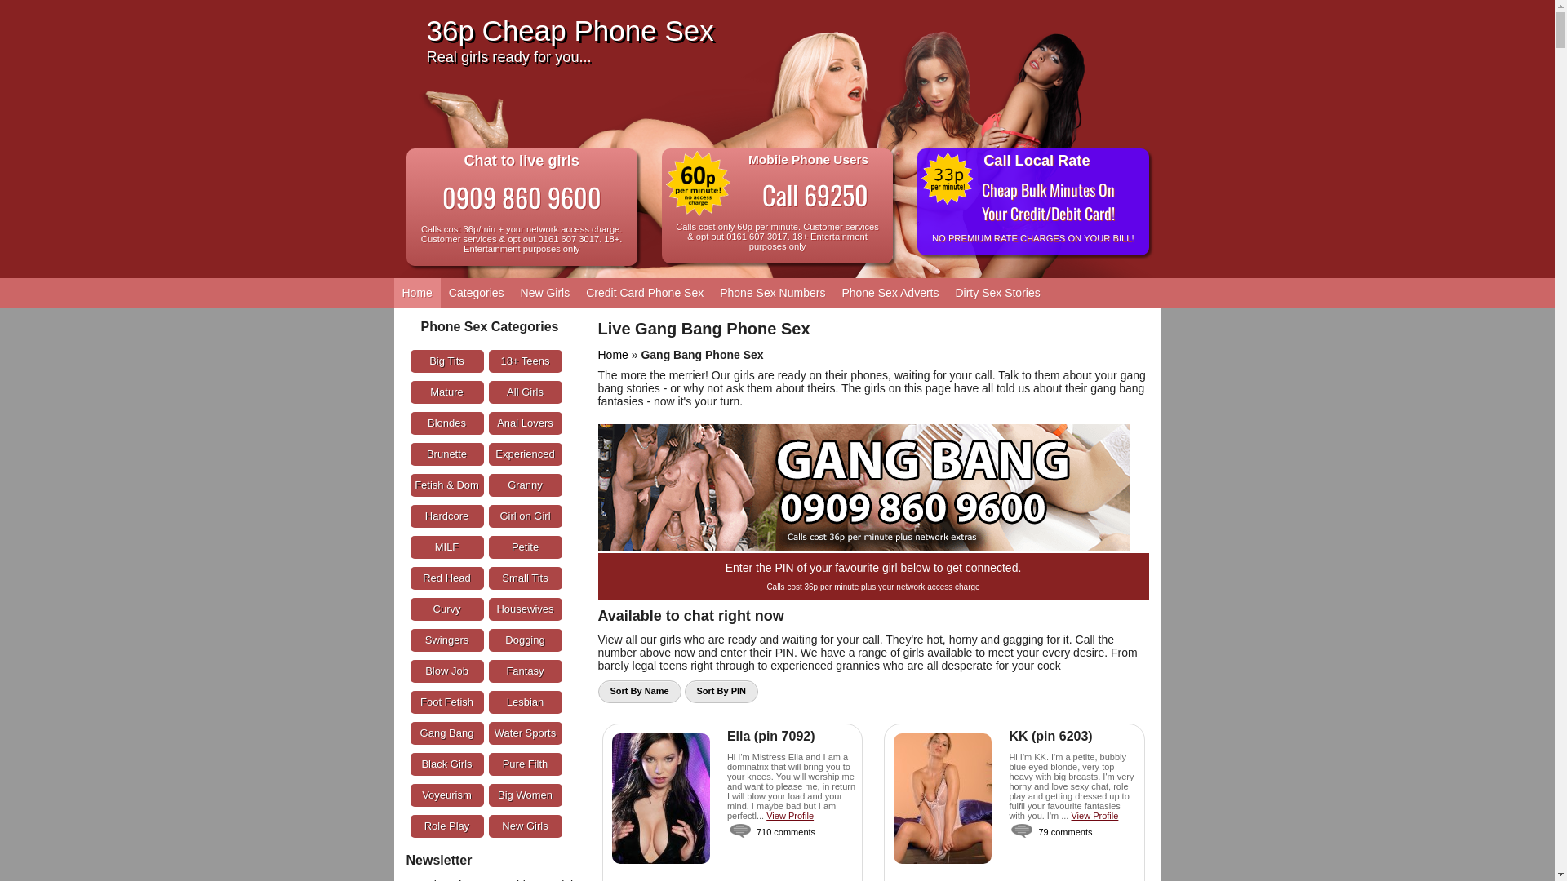  I want to click on 'Big Tits', so click(446, 361).